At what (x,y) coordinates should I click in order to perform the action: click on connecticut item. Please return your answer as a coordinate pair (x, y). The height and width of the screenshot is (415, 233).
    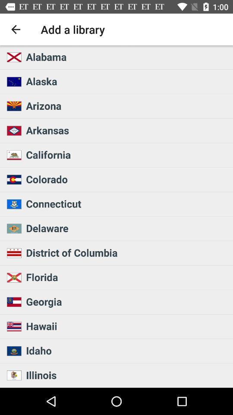
    Looking at the image, I should click on (126, 204).